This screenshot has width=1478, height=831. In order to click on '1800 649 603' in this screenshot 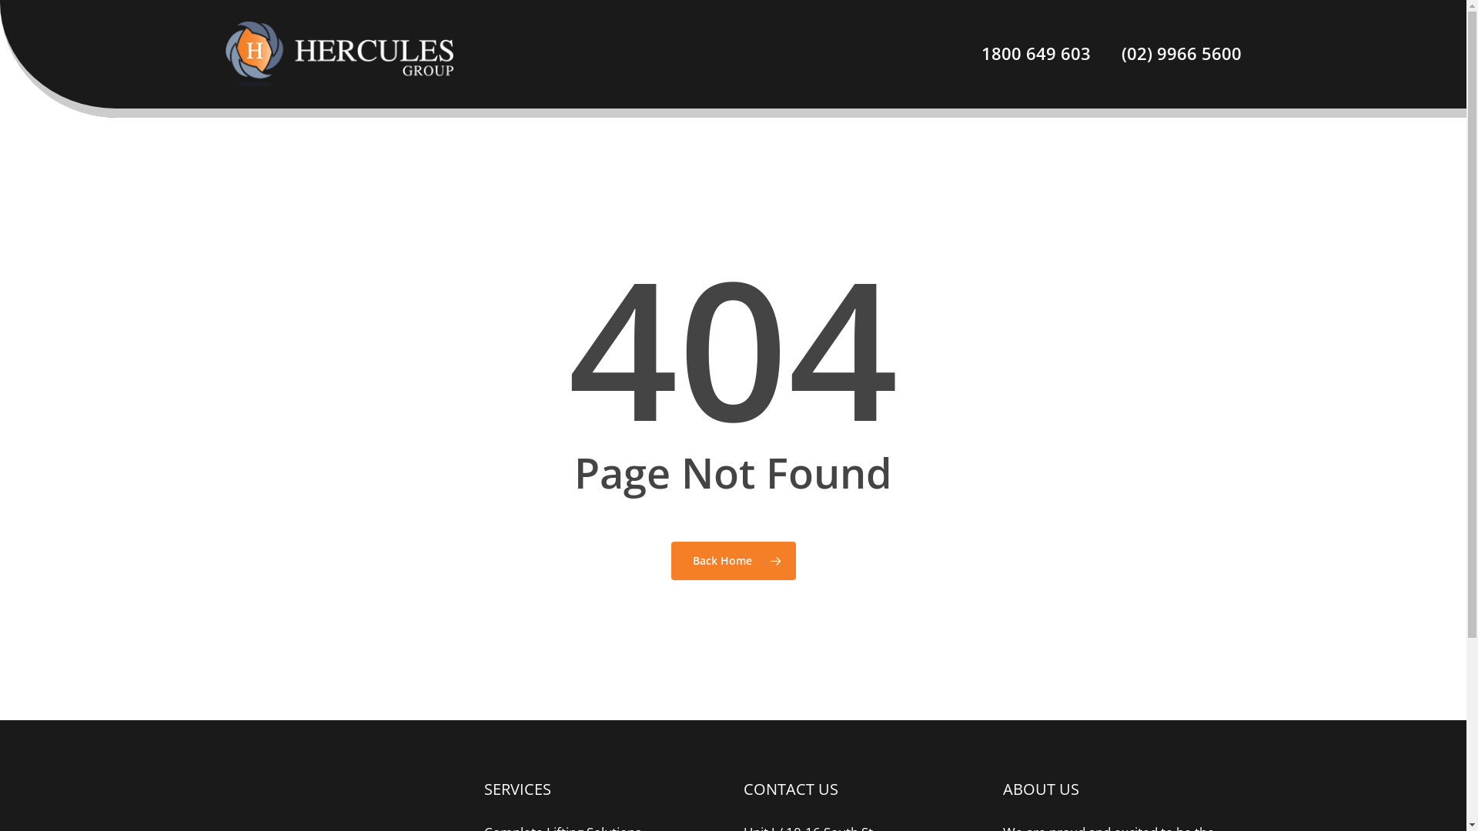, I will do `click(1035, 53)`.